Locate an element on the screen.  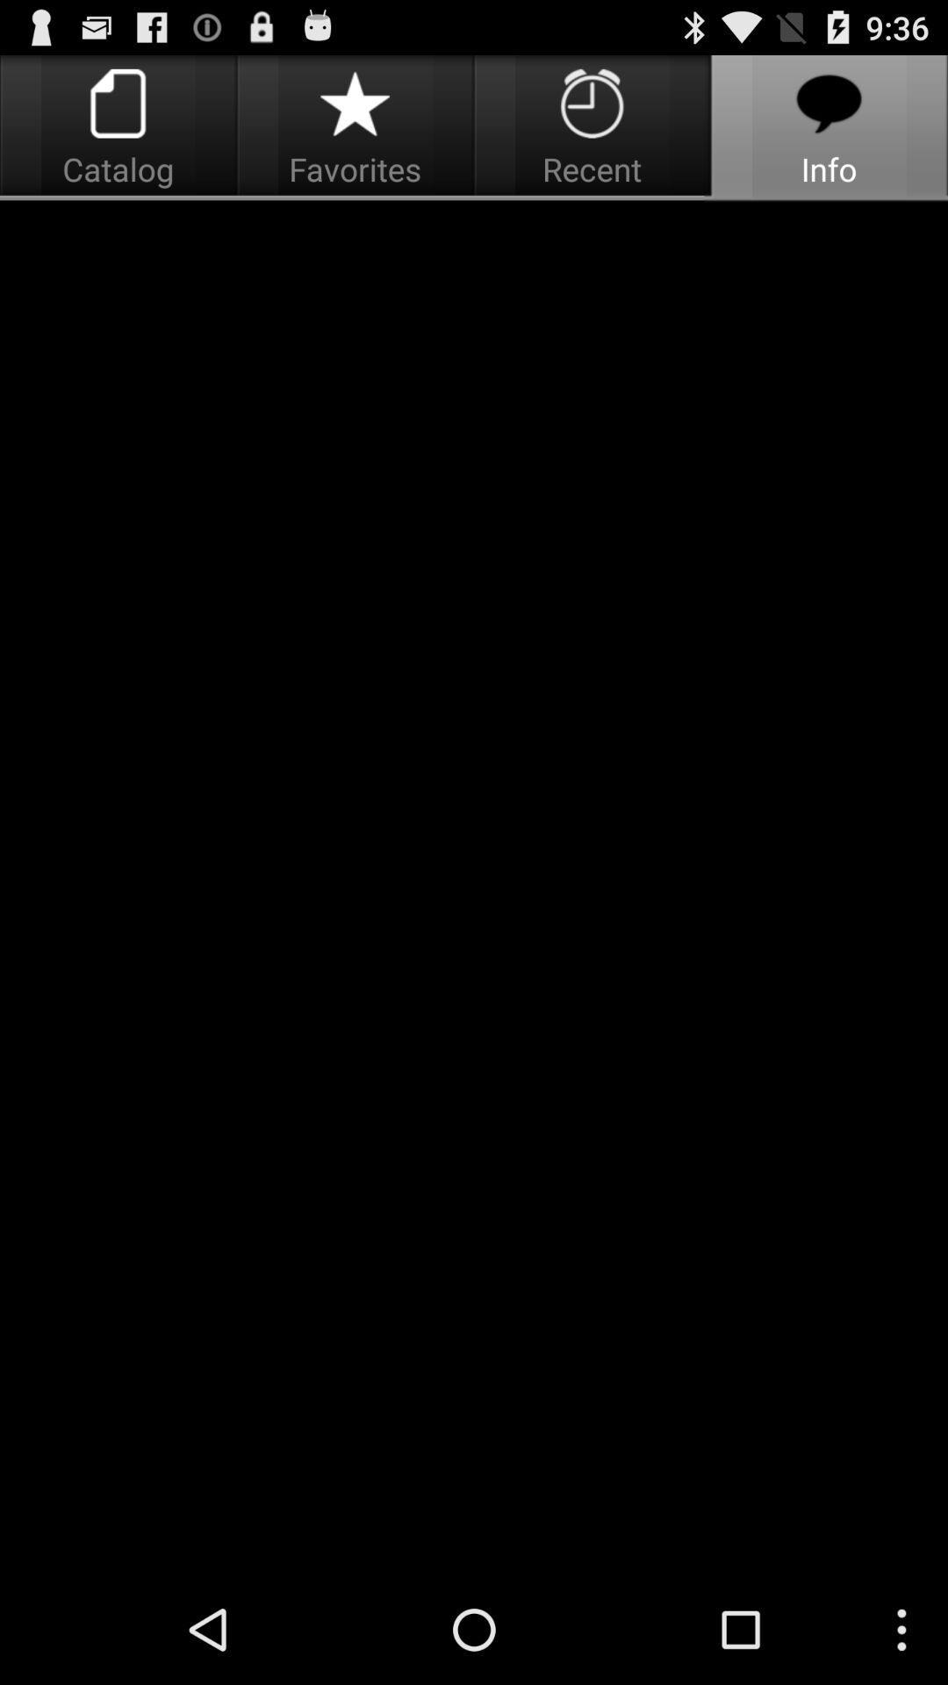
item at the center is located at coordinates (474, 888).